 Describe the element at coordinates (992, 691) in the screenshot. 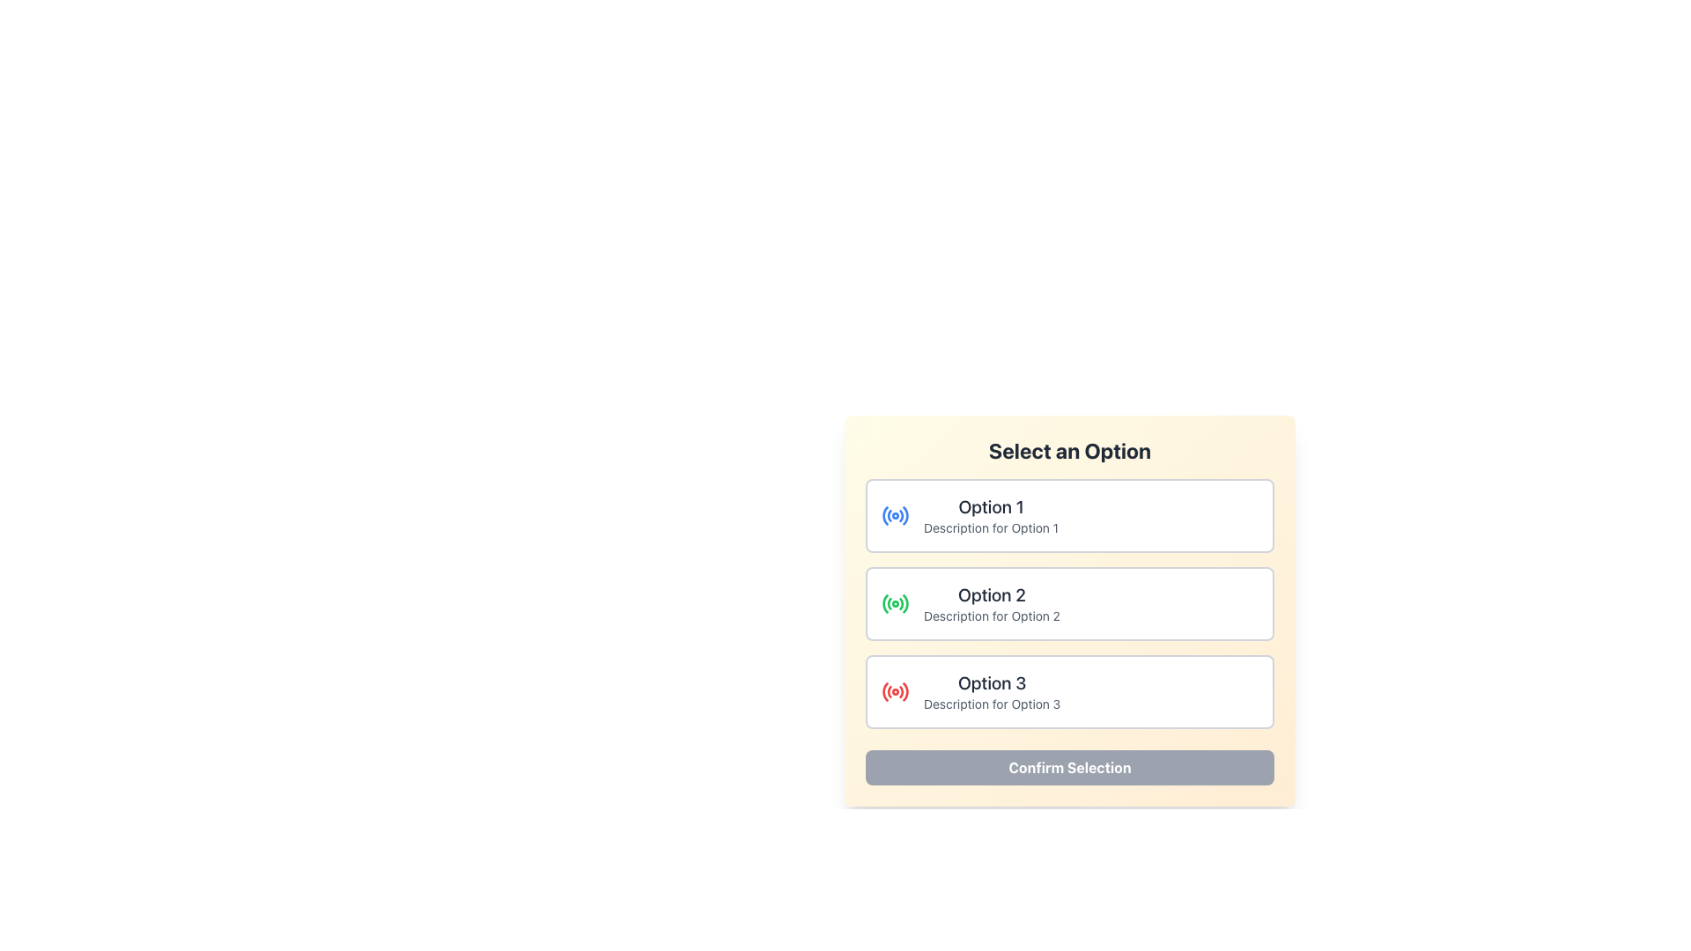

I see `the text label displaying 'Option 3' with the subtitle 'Description for Option 3', which is the third option in the options list` at that location.